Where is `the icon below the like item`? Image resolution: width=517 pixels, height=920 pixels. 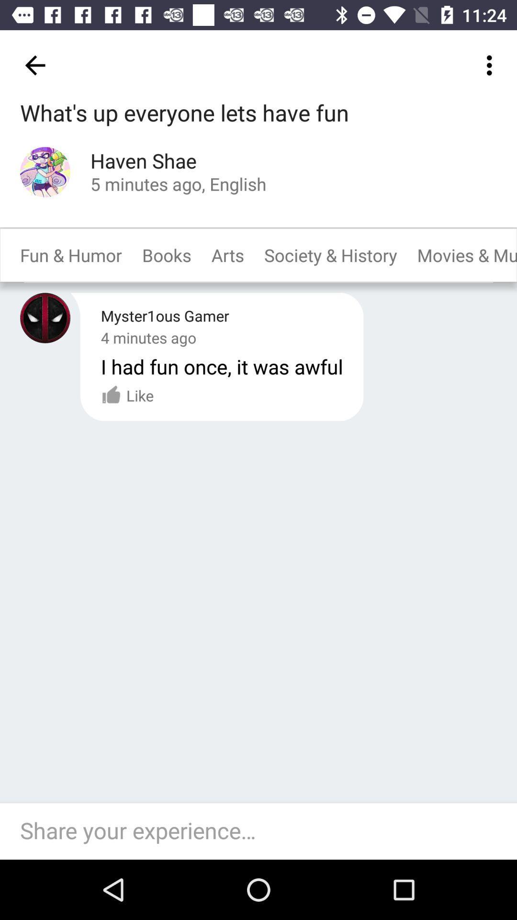 the icon below the like item is located at coordinates (263, 831).